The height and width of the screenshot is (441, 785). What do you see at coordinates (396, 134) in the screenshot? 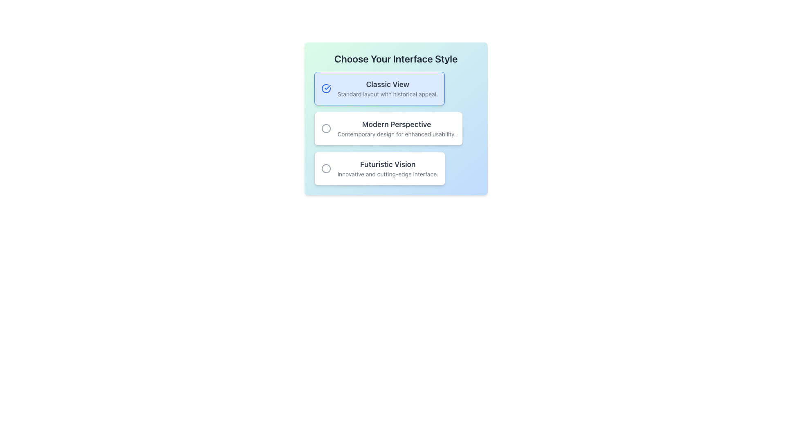
I see `the text label that provides a supplementary description for the 'Modern Perspective' heading, located directly beneath it as the second line of text` at bounding box center [396, 134].